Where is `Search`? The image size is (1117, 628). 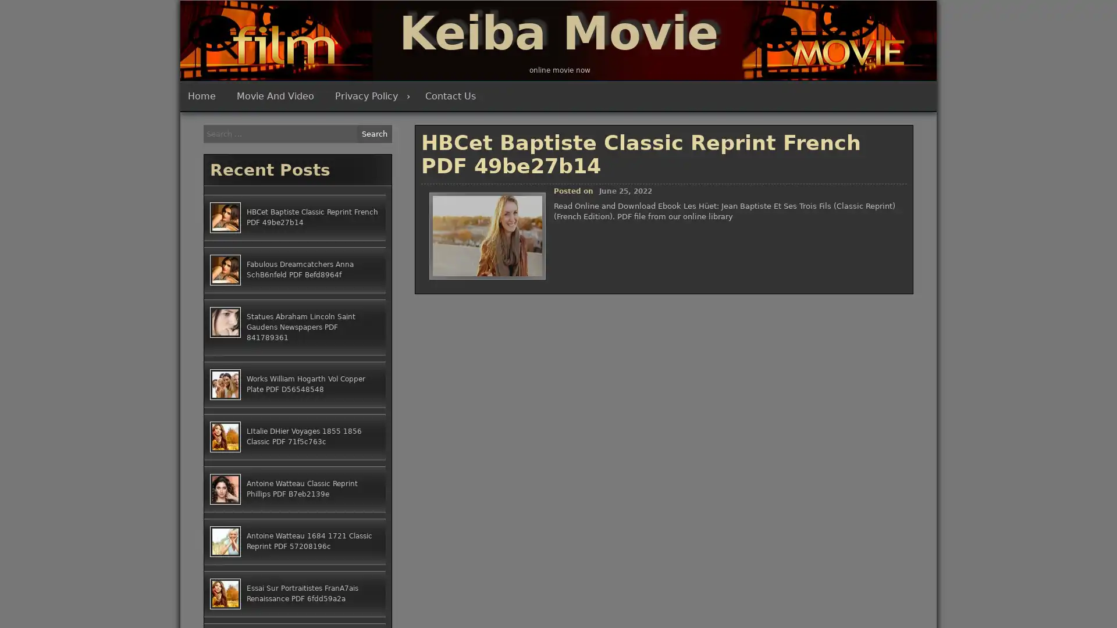
Search is located at coordinates (374, 133).